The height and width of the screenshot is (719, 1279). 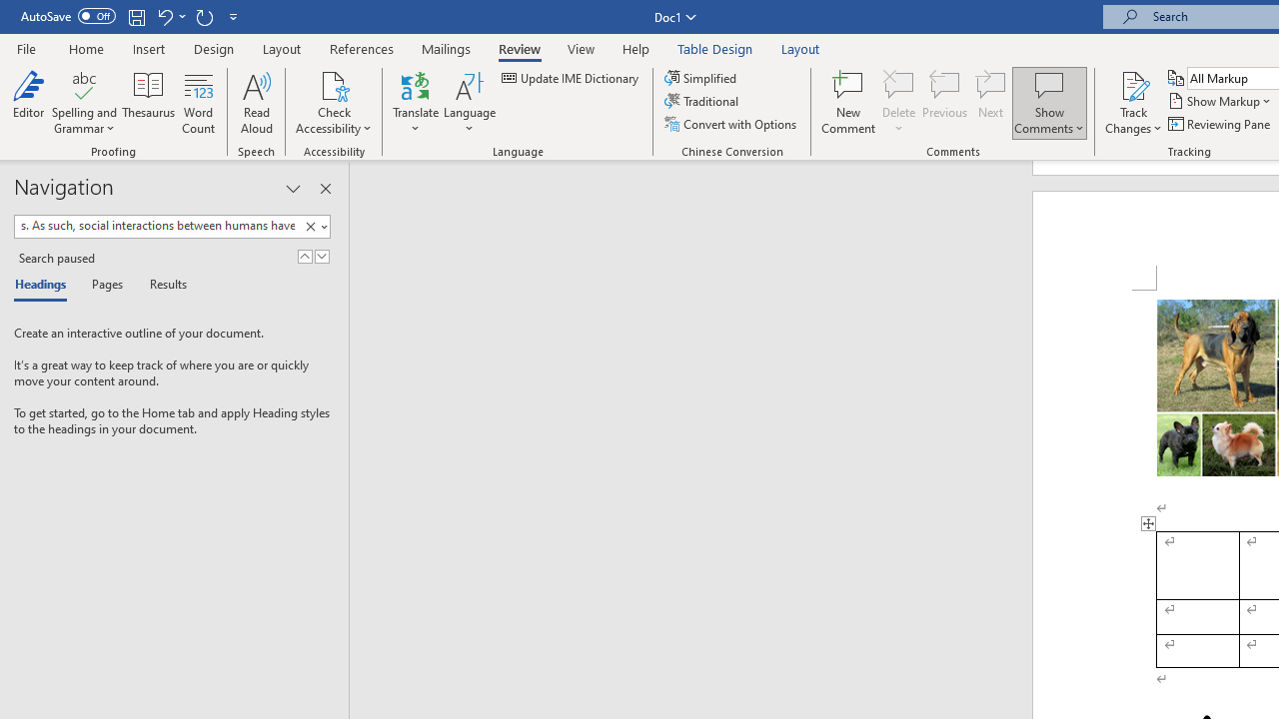 What do you see at coordinates (10, 11) in the screenshot?
I see `'System'` at bounding box center [10, 11].